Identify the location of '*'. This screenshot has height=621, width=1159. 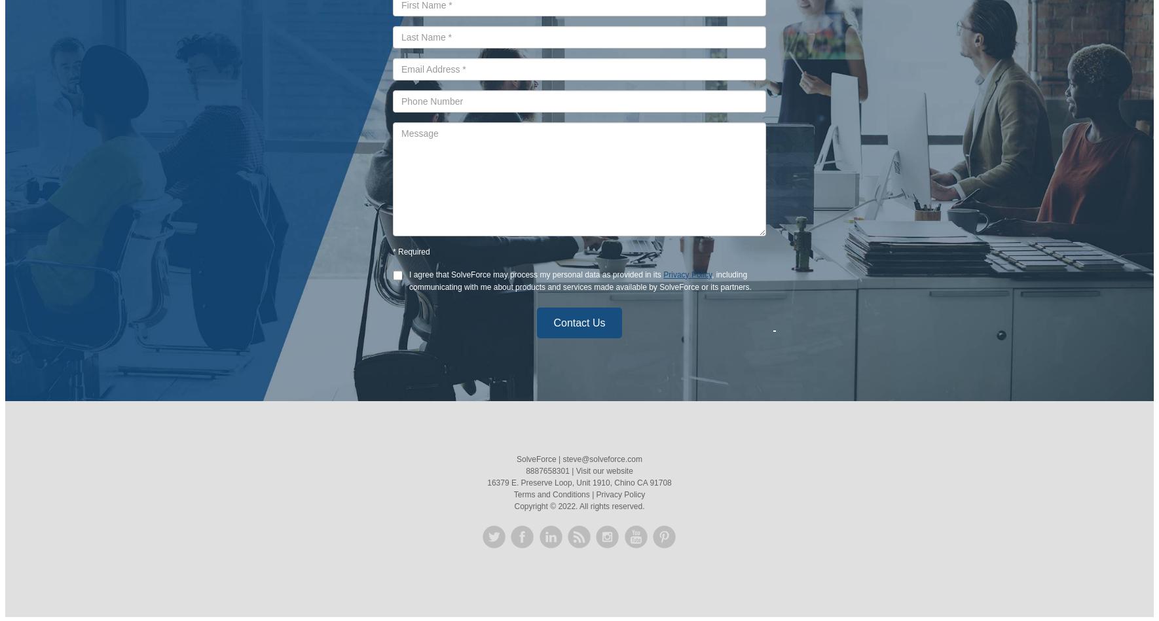
(393, 252).